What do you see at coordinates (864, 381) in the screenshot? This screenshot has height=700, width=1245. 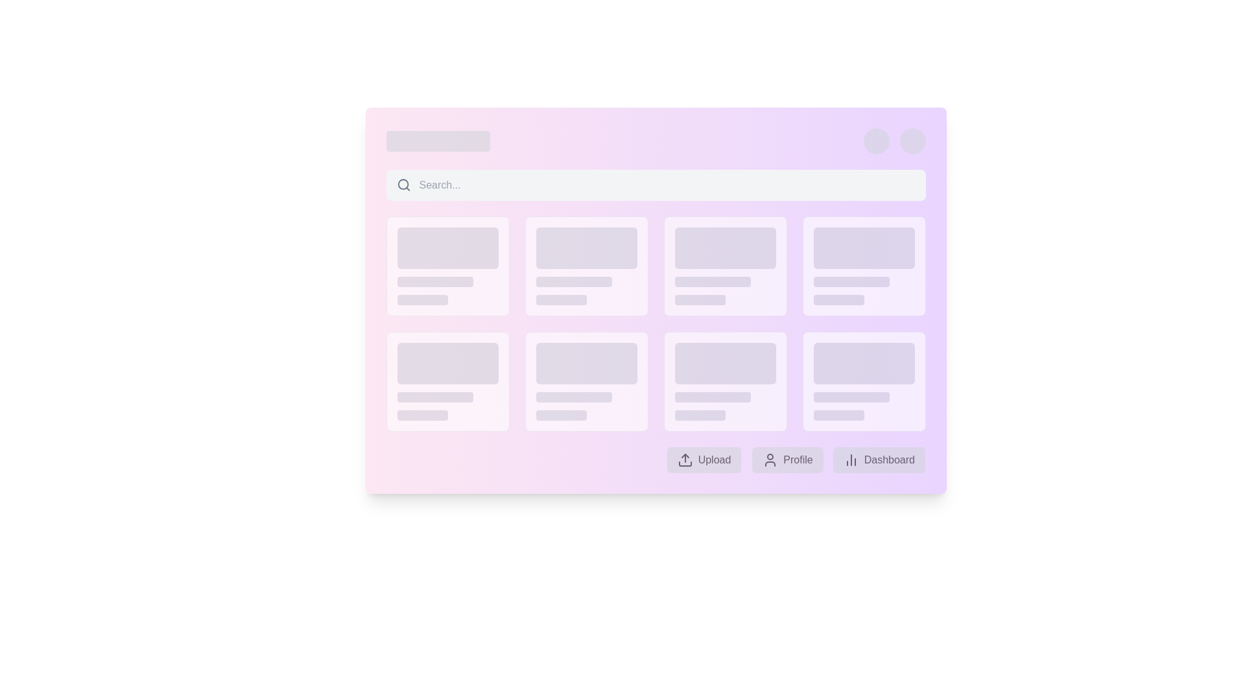 I see `the fourth Placeholder Card in the bottom row of the grid layout, which features a white background, rounded corners, and a light gray rectangle at the top` at bounding box center [864, 381].